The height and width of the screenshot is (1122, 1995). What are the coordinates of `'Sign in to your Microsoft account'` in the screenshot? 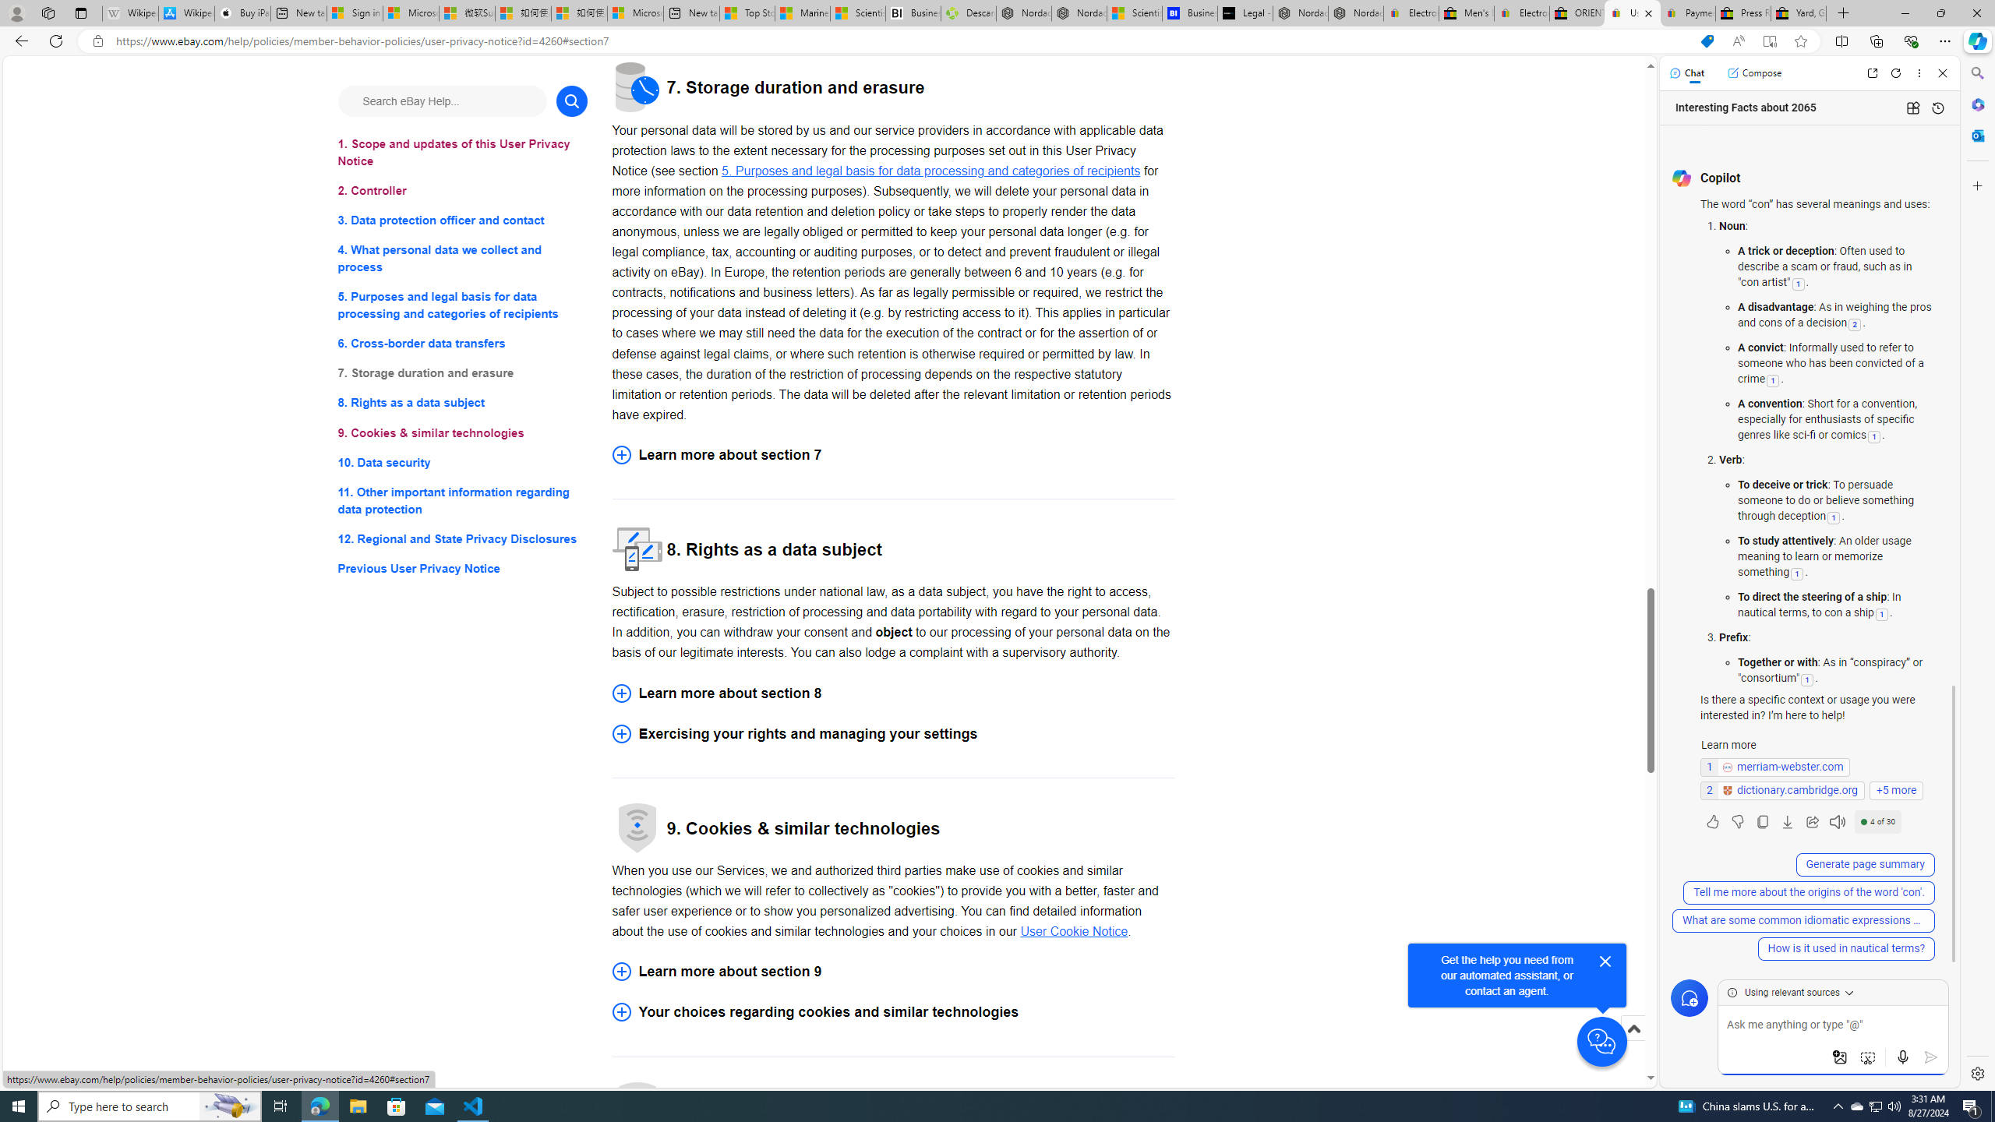 It's located at (354, 12).